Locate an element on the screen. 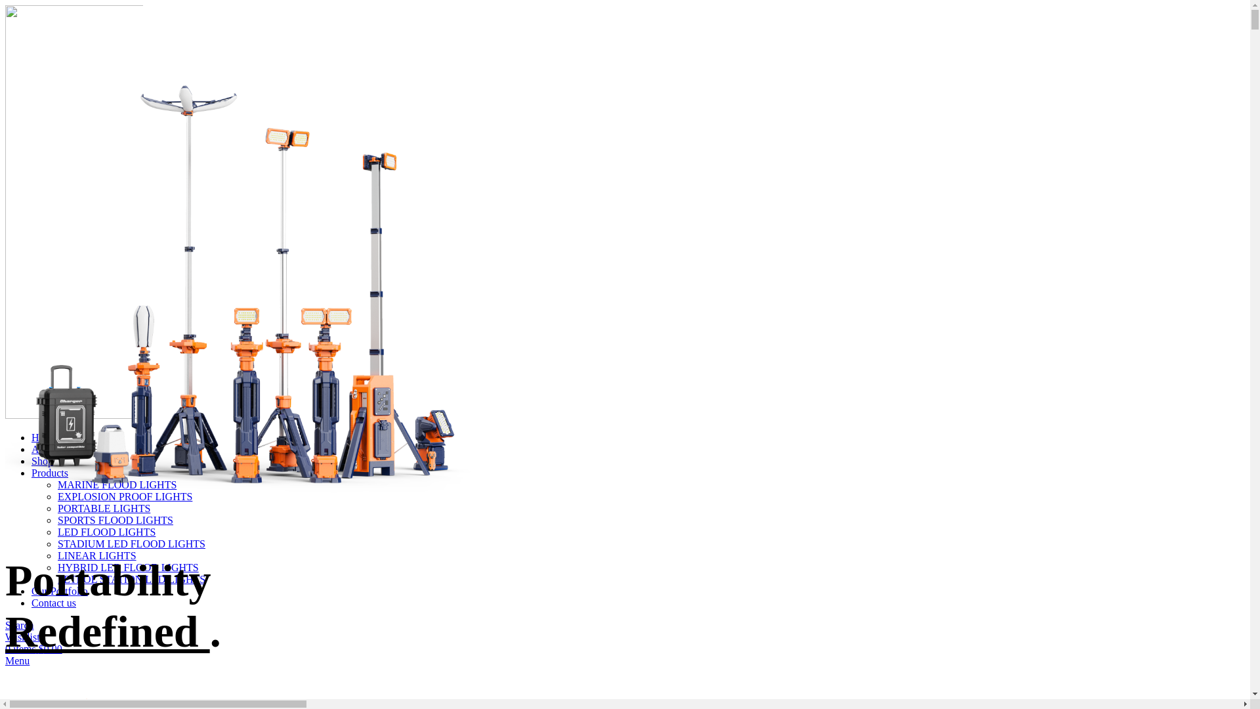 Image resolution: width=1260 pixels, height=709 pixels. 'About us' is located at coordinates (31, 448).